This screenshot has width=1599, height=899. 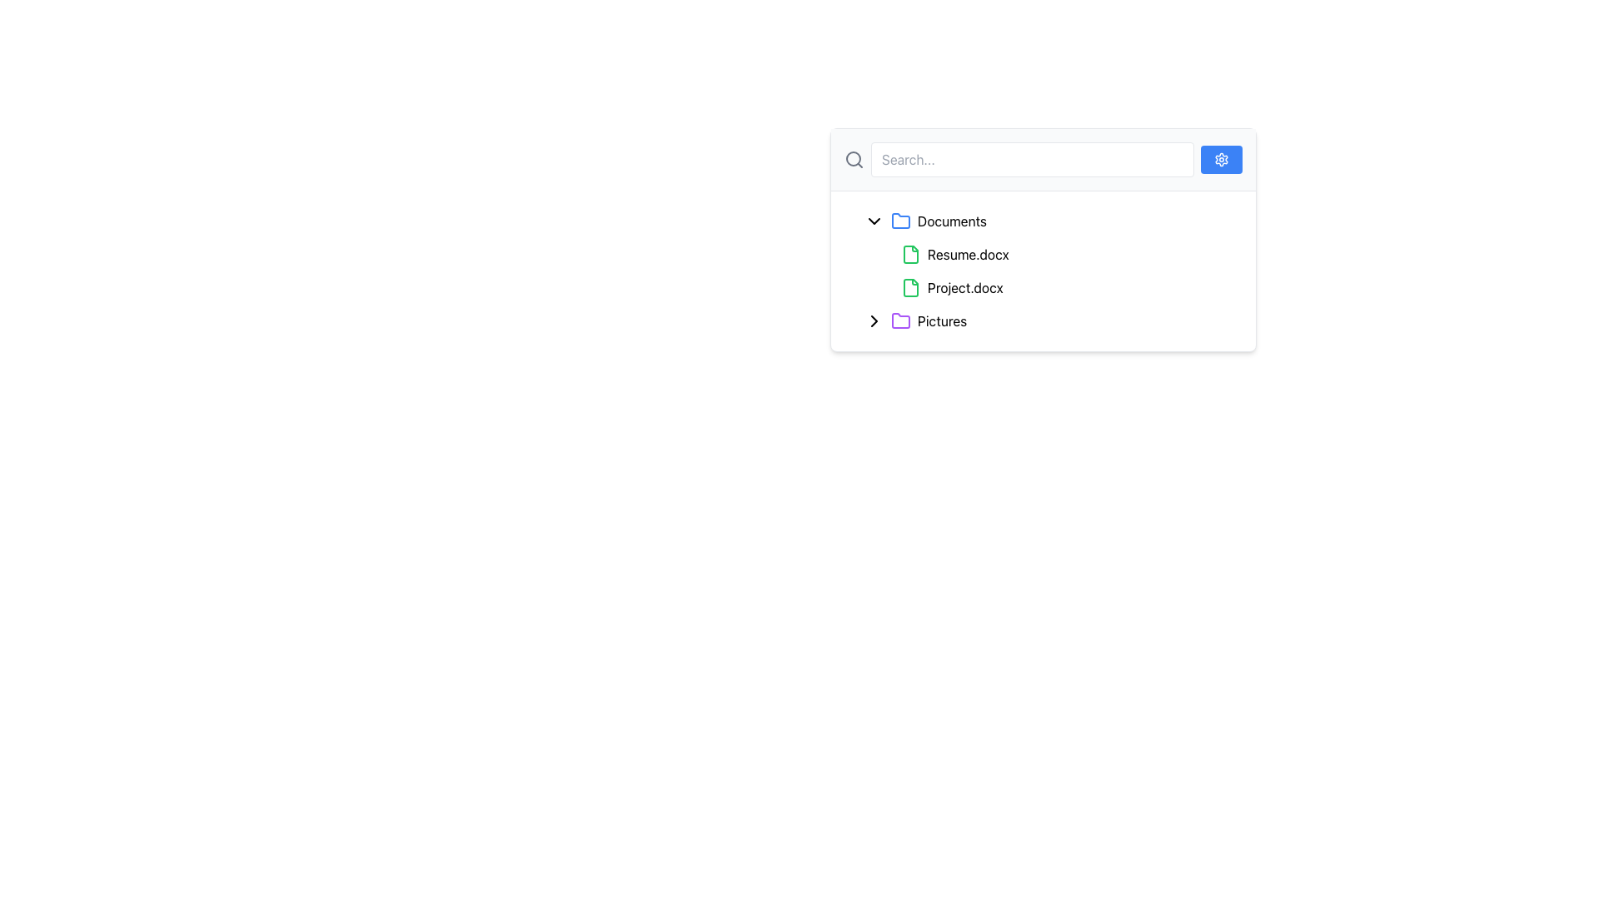 What do you see at coordinates (1049, 271) in the screenshot?
I see `the filenames 'Resume.docx' and 'Project.docx' in the file explorer interface` at bounding box center [1049, 271].